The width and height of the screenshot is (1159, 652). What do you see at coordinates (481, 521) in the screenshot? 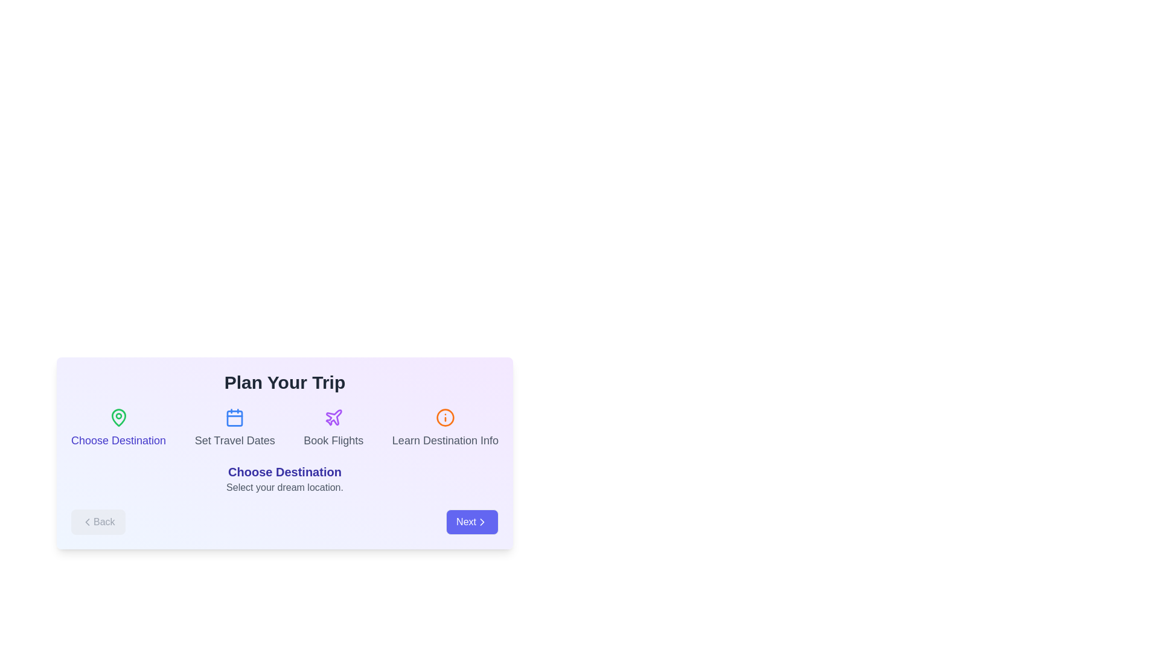
I see `the rightward chevron icon inside the 'Next' button located below the 'Plan Your Trip' section for visual feedback` at bounding box center [481, 521].